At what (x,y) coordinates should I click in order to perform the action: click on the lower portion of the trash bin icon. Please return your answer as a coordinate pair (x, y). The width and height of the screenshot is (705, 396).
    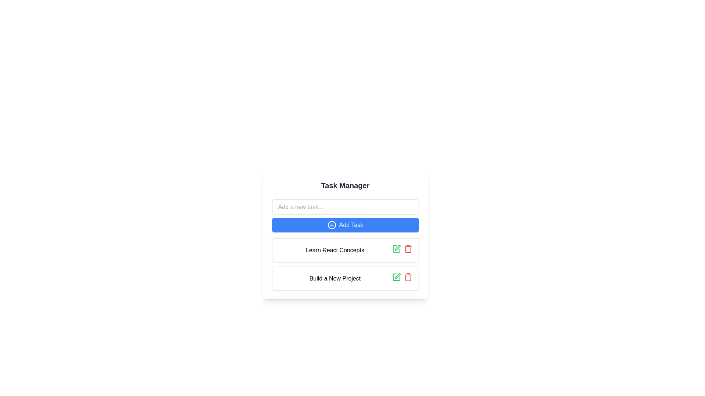
    Looking at the image, I should click on (408, 278).